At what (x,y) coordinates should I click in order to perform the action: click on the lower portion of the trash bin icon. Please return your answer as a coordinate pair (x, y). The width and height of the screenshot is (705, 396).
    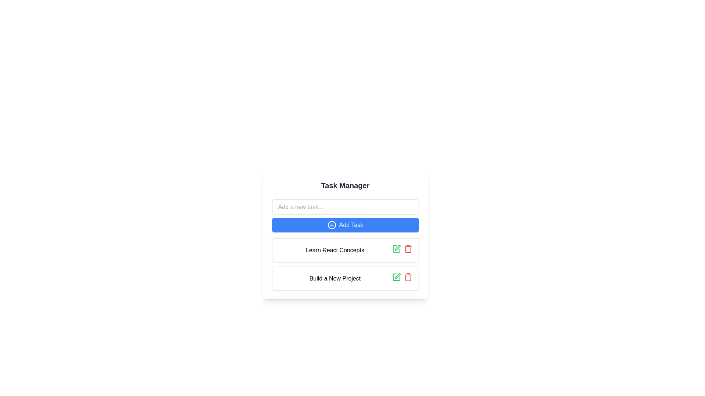
    Looking at the image, I should click on (408, 278).